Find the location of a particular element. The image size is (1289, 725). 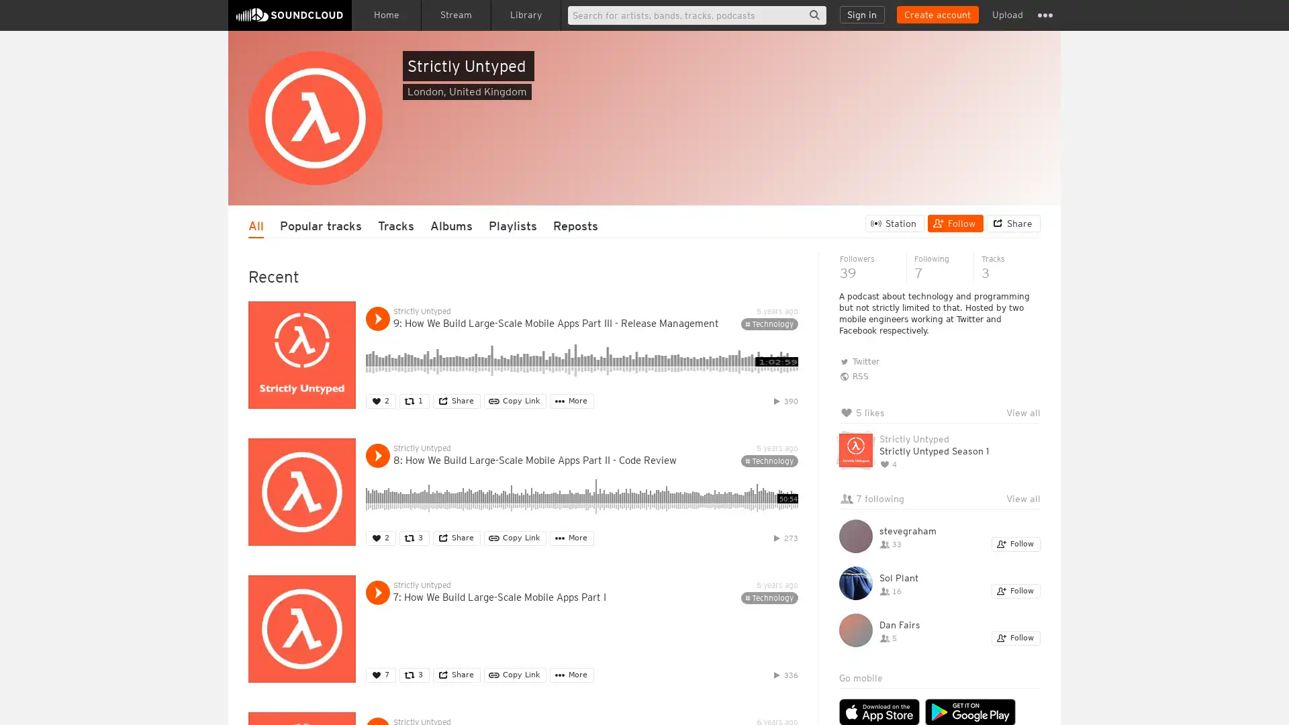

Follow is located at coordinates (1016, 638).